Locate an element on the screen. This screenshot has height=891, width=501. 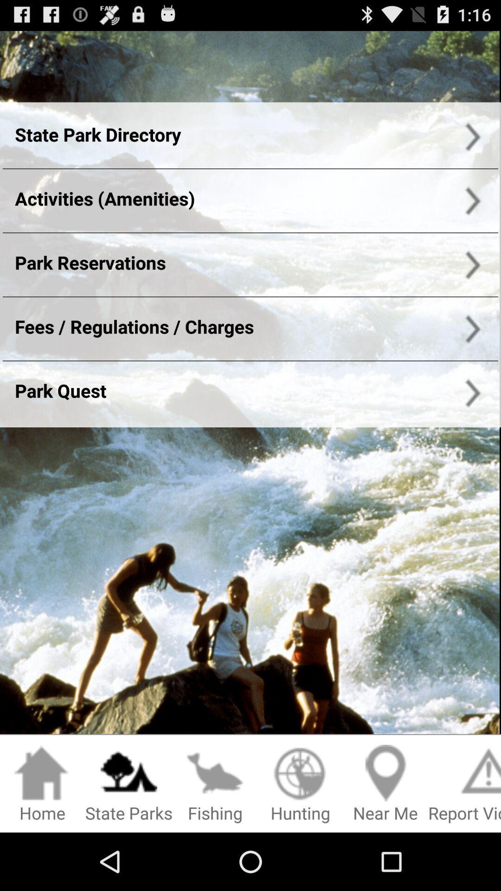
right of charges is located at coordinates (471, 329).